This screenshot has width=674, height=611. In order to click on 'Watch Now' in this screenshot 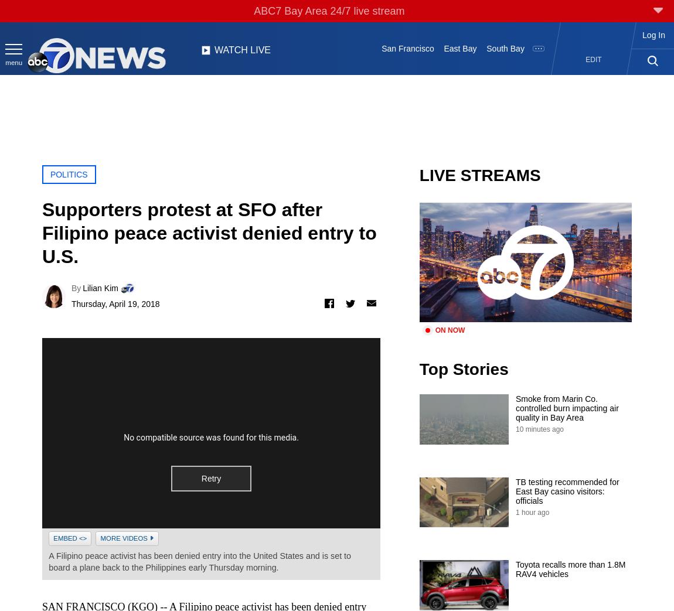, I will do `click(332, 35)`.